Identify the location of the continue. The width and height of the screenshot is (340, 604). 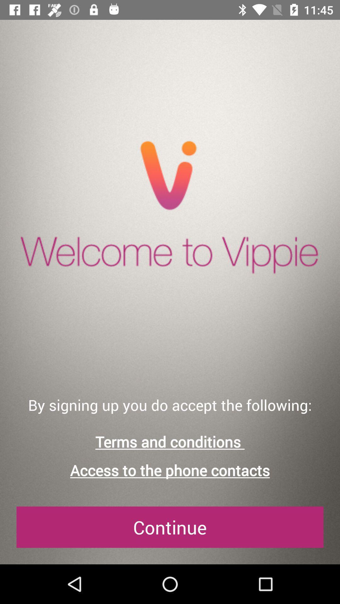
(170, 527).